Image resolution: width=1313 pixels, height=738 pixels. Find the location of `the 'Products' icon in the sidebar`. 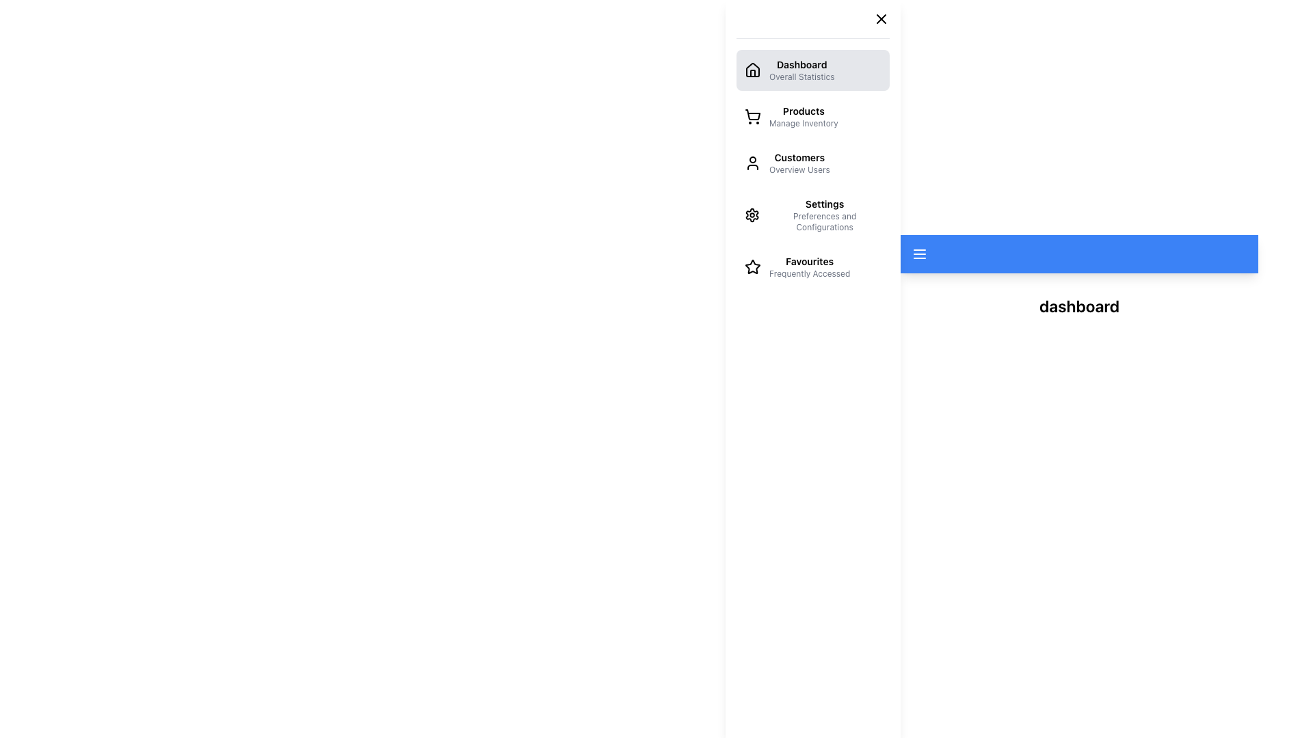

the 'Products' icon in the sidebar is located at coordinates (752, 114).